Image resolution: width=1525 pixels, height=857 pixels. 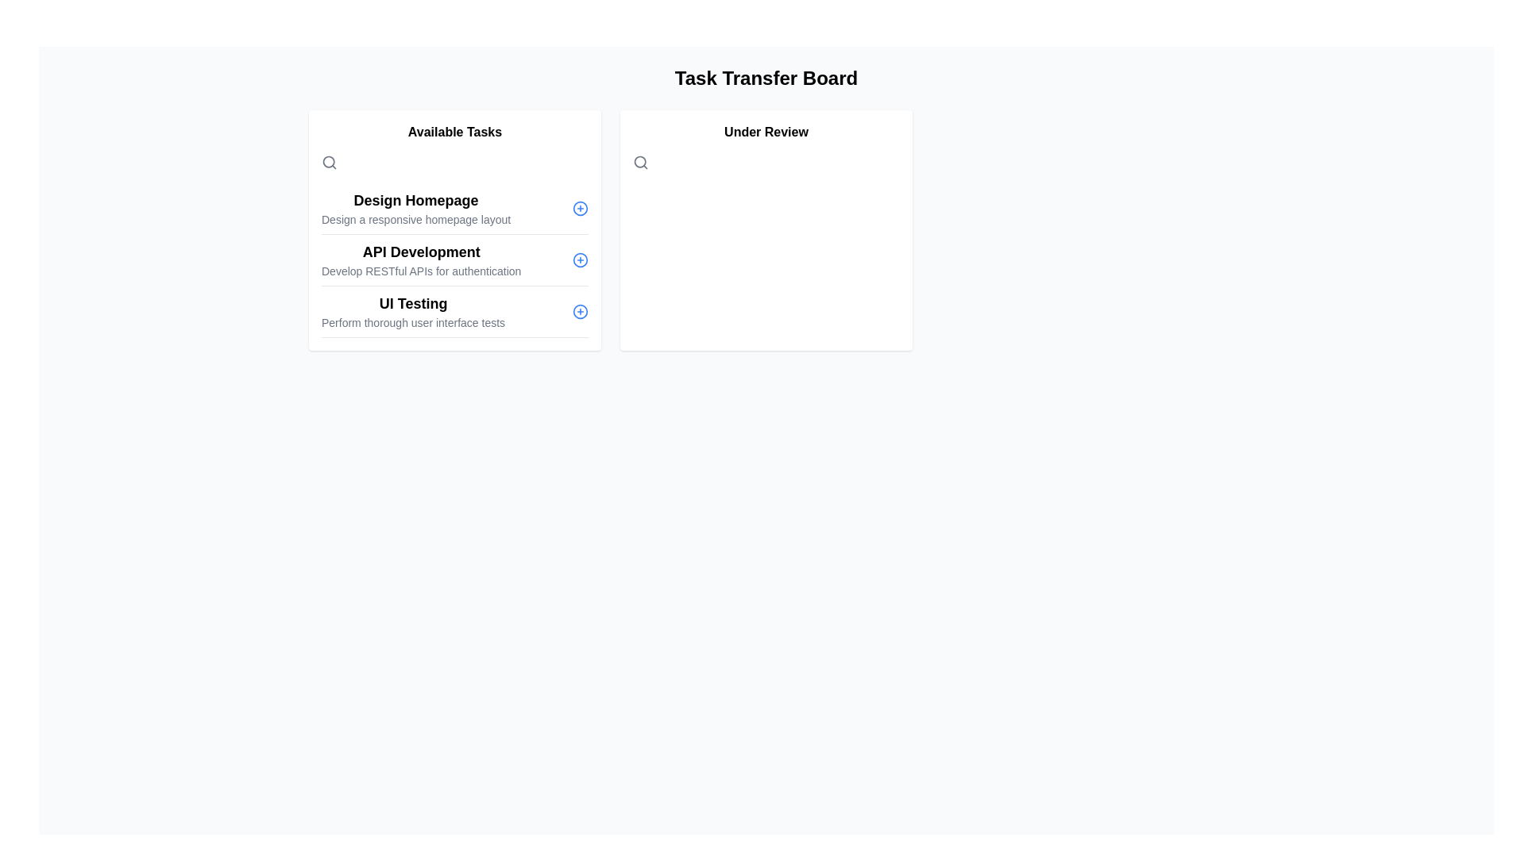 What do you see at coordinates (579, 207) in the screenshot?
I see `the button located next to the text 'Design Homepage' in the 'Available Tasks' section, which serves as an action trigger for adding a task` at bounding box center [579, 207].